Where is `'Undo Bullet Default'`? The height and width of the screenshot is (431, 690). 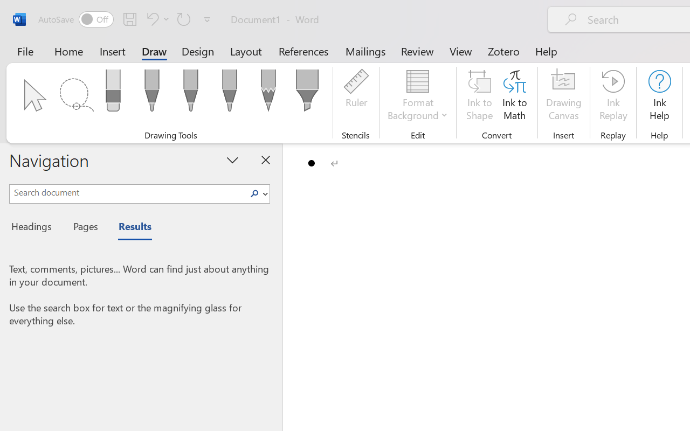 'Undo Bullet Default' is located at coordinates (156, 18).